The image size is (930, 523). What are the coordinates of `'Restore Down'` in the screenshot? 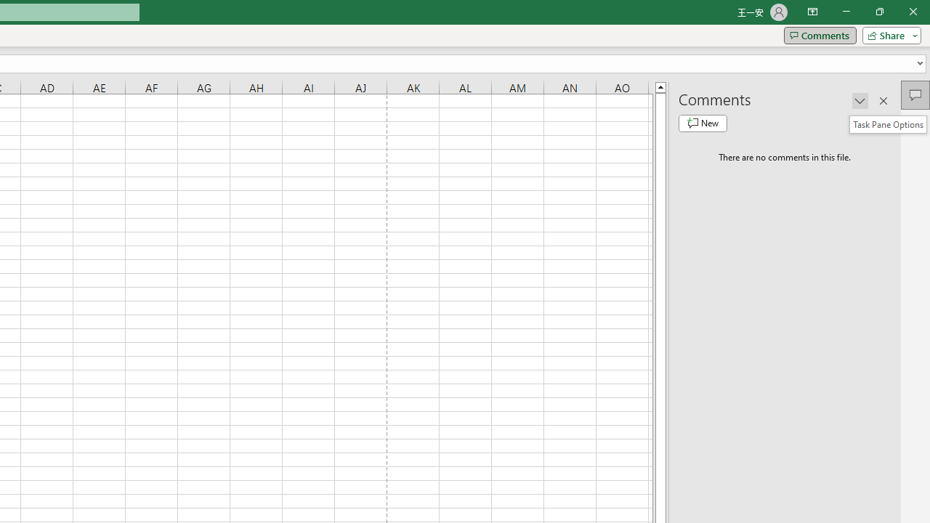 It's located at (878, 12).